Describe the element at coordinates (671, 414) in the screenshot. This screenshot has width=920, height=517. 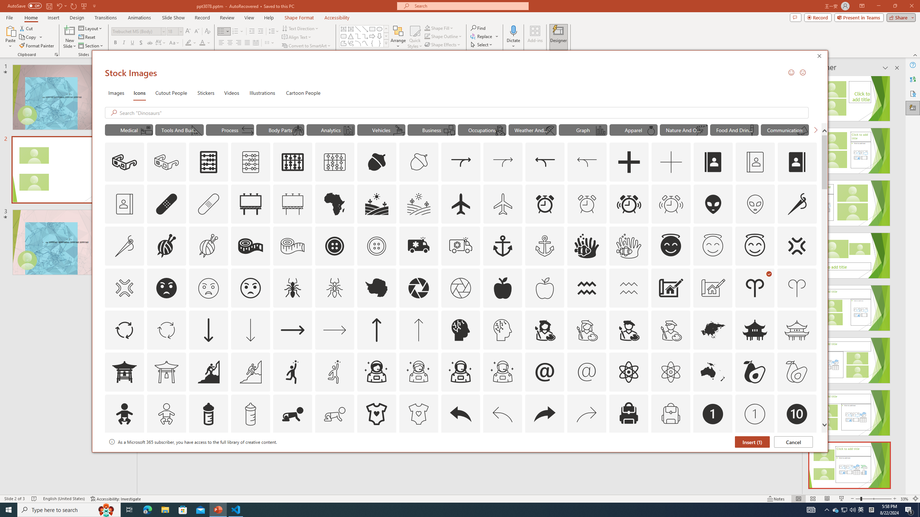
I see `'AutomationID: Icons_Backpack_M'` at that location.